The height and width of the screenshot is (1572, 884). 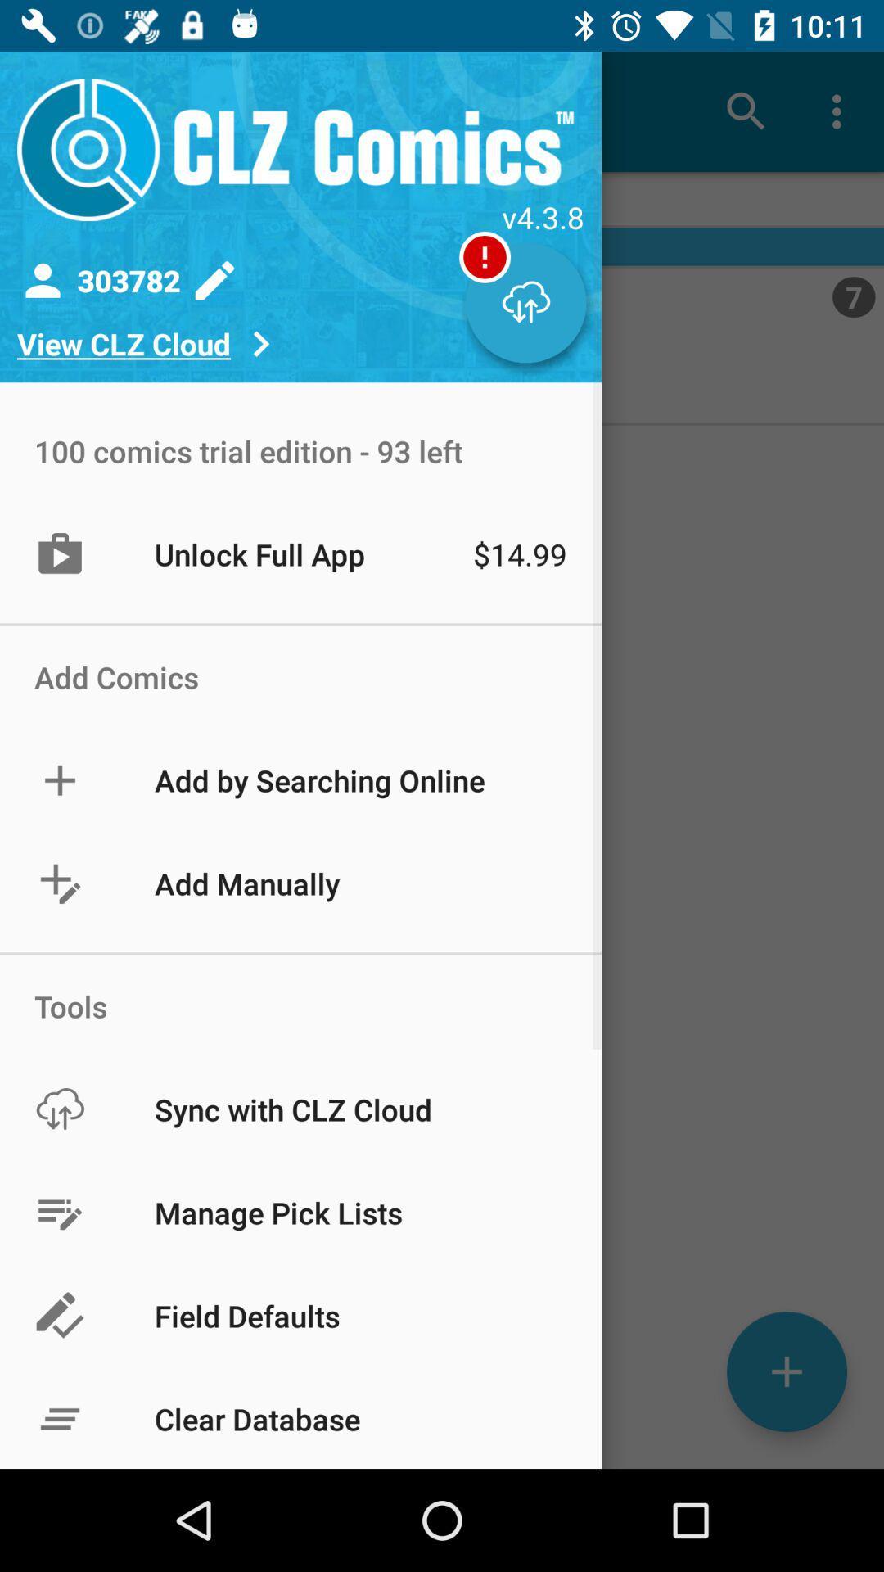 I want to click on the add icon, so click(x=786, y=1371).